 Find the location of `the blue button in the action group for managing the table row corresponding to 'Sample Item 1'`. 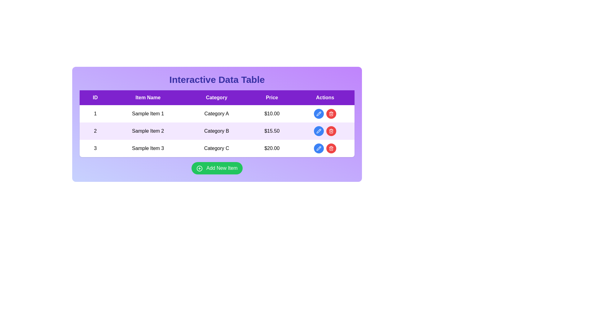

the blue button in the action group for managing the table row corresponding to 'Sample Item 1' is located at coordinates (325, 113).